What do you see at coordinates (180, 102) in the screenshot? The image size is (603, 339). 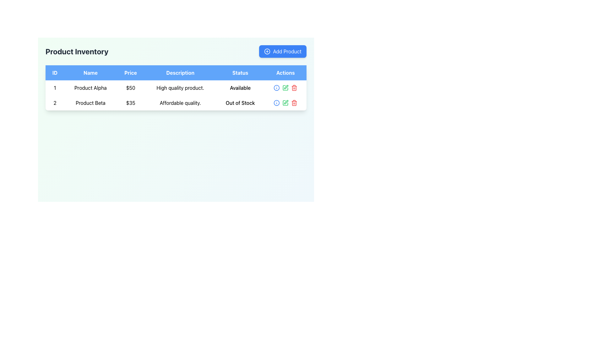 I see `the text element that contains 'Affordable quality.' positioned under the 'Description' column in the table` at bounding box center [180, 102].